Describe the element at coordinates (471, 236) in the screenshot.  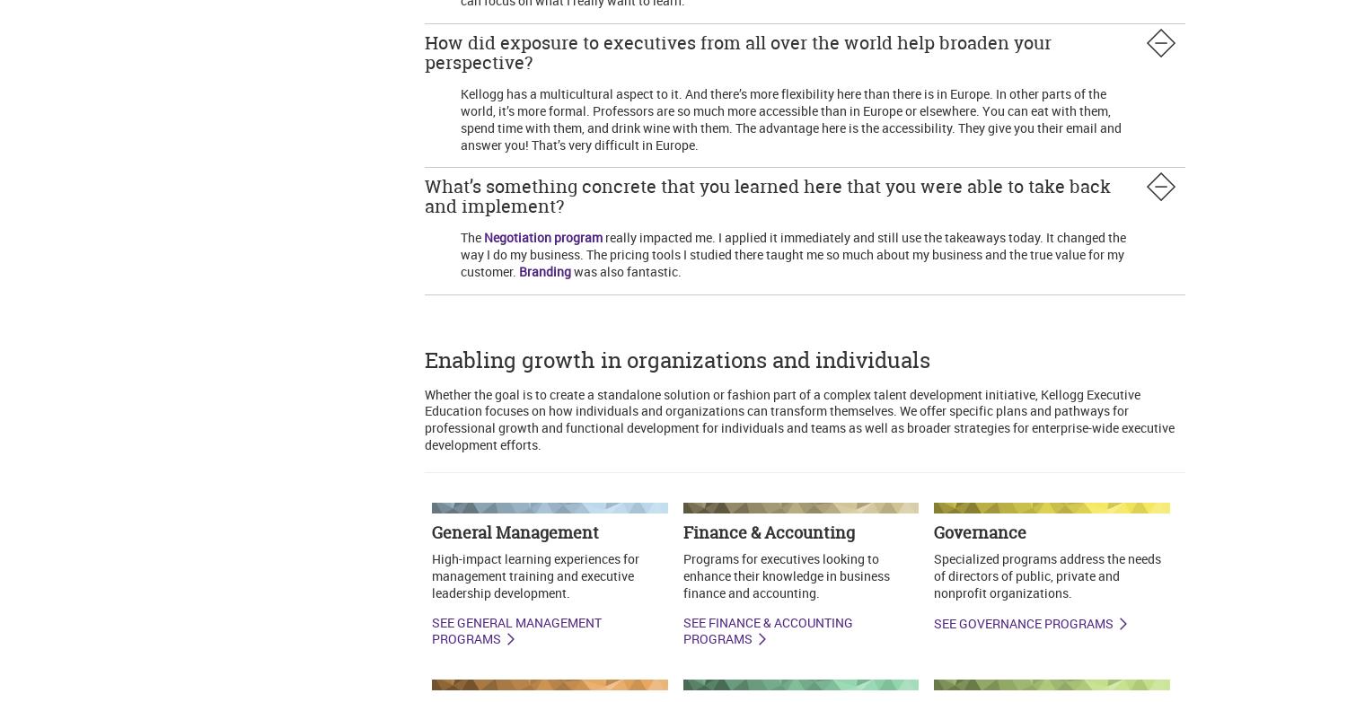
I see `'The'` at that location.